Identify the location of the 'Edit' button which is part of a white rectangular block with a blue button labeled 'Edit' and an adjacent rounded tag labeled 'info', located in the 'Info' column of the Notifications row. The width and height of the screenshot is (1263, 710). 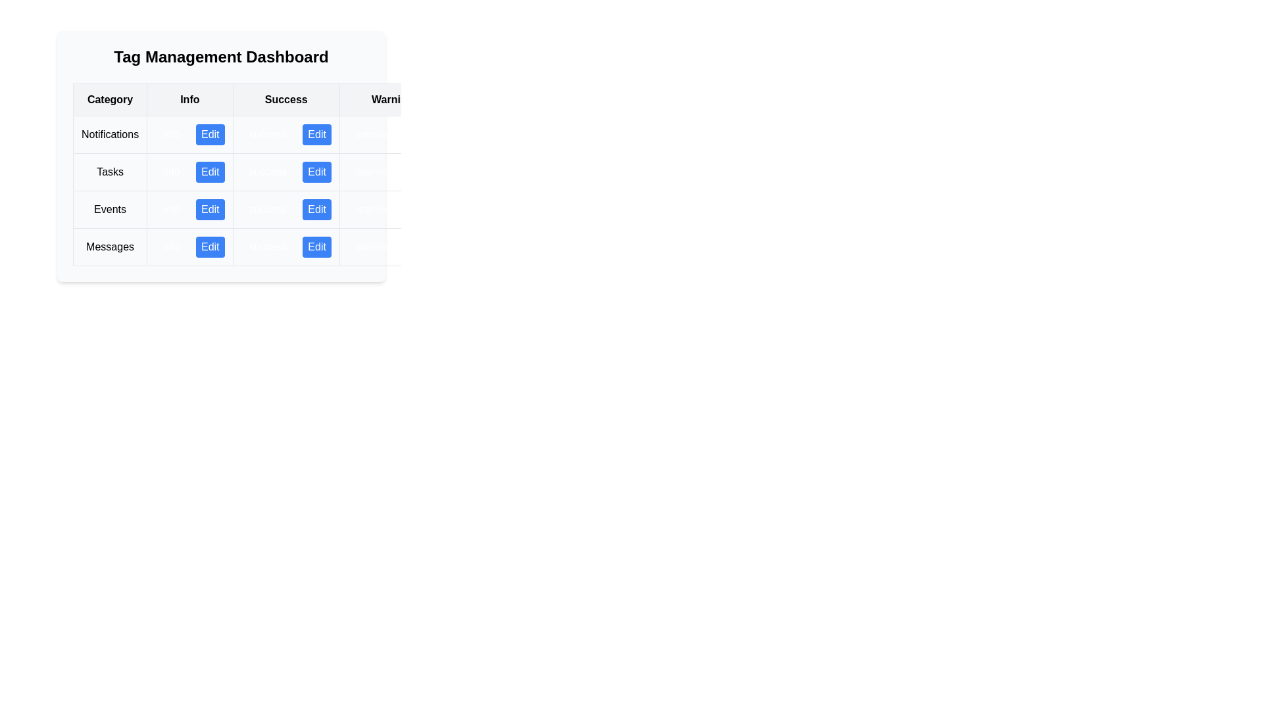
(189, 134).